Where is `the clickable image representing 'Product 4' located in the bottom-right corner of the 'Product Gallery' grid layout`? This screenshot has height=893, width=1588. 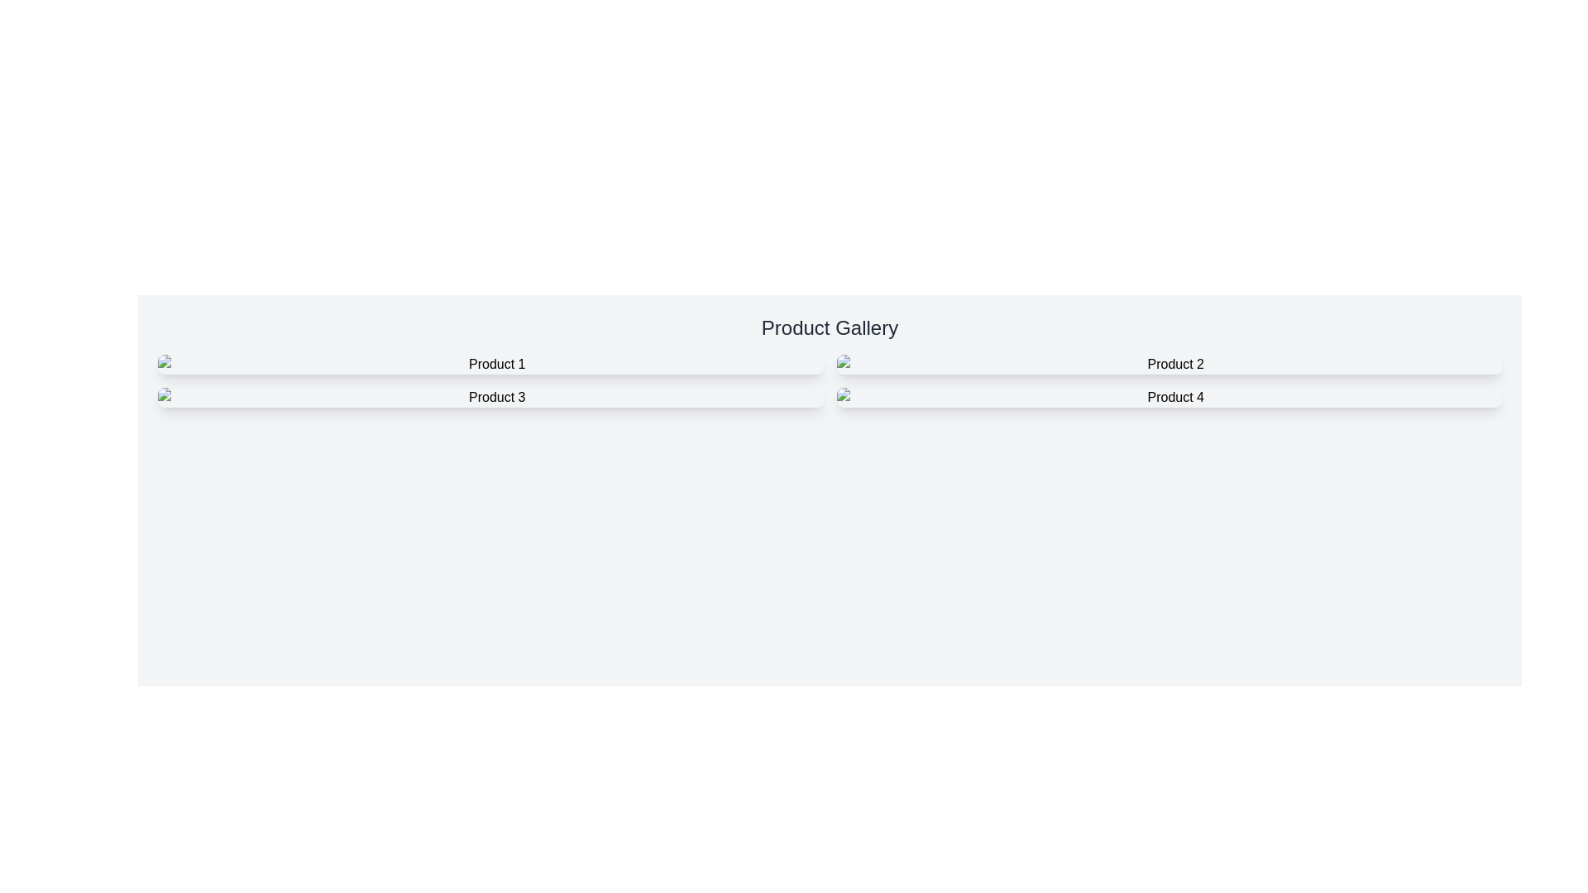
the clickable image representing 'Product 4' located in the bottom-right corner of the 'Product Gallery' grid layout is located at coordinates (1168, 398).